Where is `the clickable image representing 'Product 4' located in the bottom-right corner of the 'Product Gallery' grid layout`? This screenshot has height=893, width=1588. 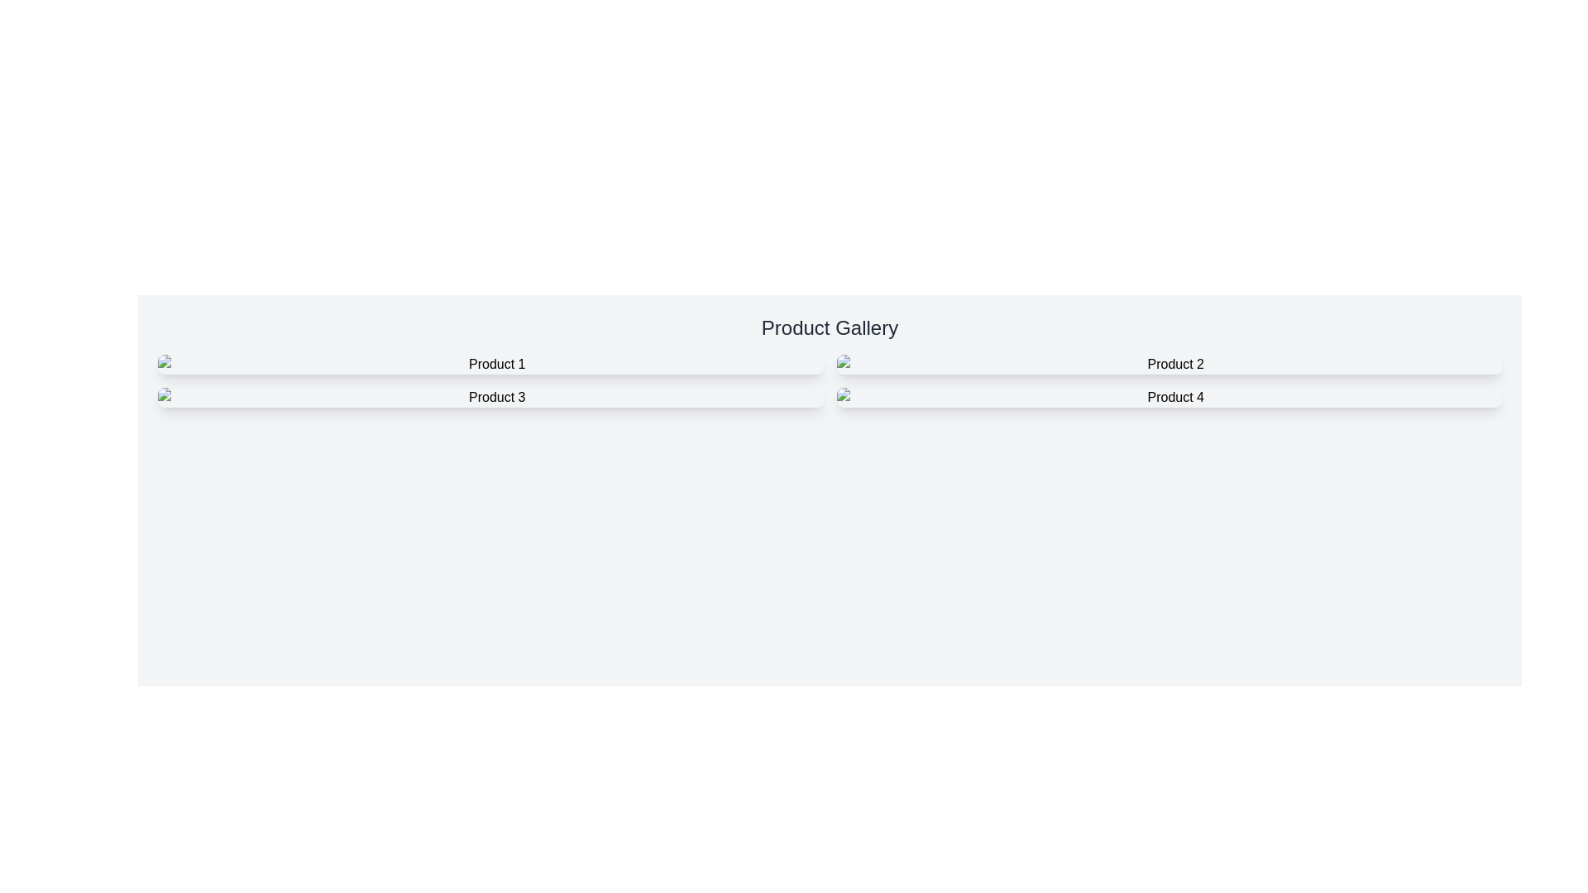
the clickable image representing 'Product 4' located in the bottom-right corner of the 'Product Gallery' grid layout is located at coordinates (1168, 398).